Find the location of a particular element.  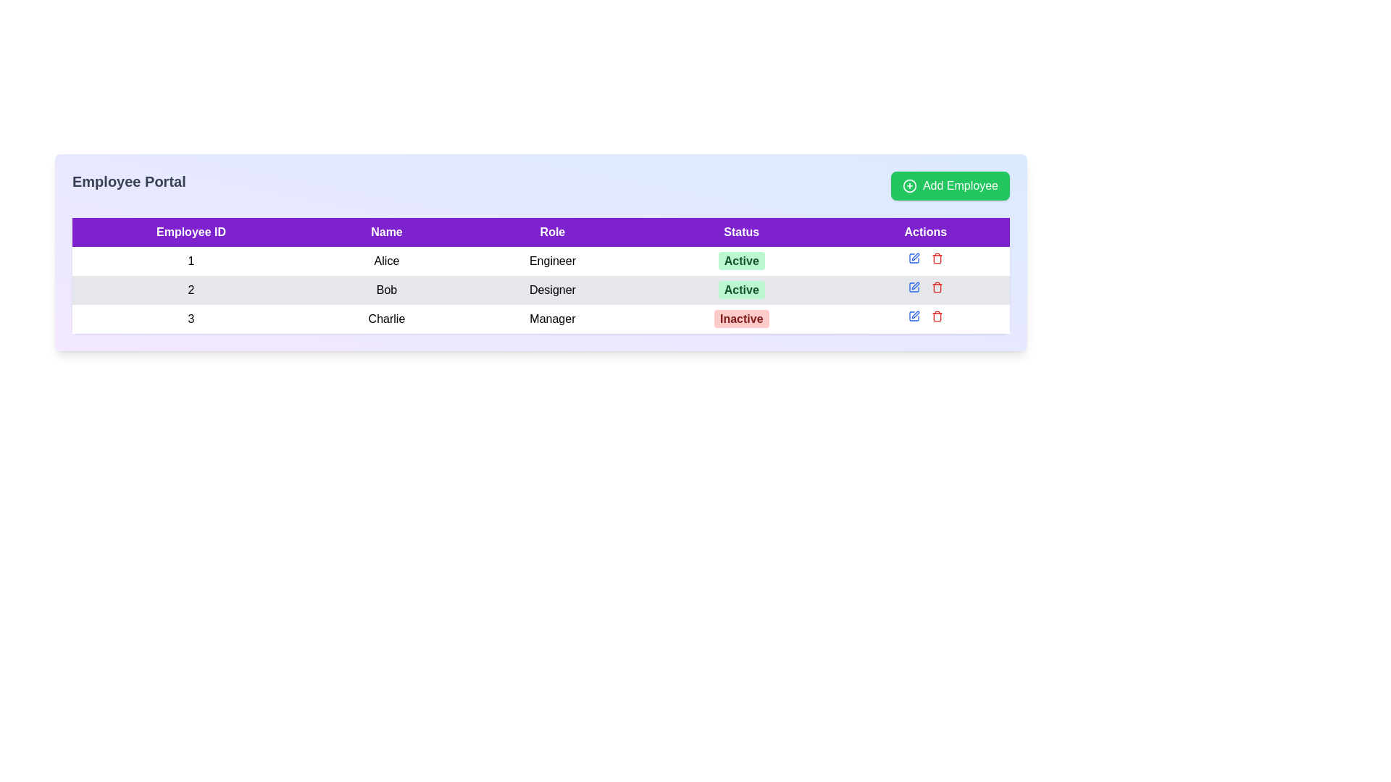

the third row in the table that contains employee ID '3', name 'Charlie', role 'Manager', and status 'Inactive' is located at coordinates (540, 318).